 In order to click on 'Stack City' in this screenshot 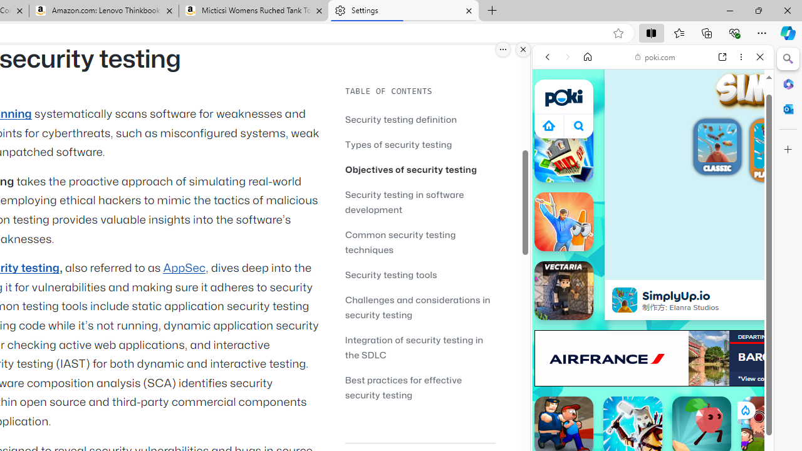, I will do `click(563, 152)`.